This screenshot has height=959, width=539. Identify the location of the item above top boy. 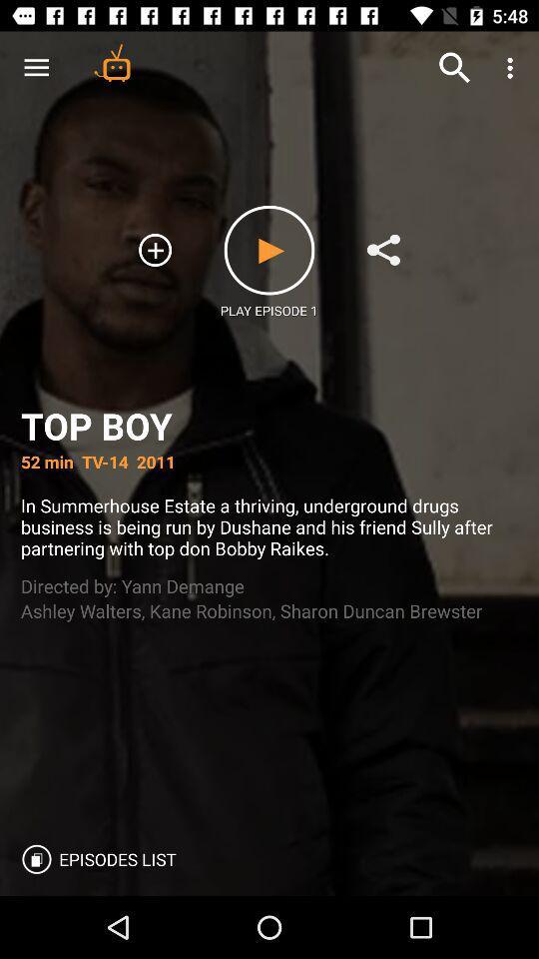
(512, 68).